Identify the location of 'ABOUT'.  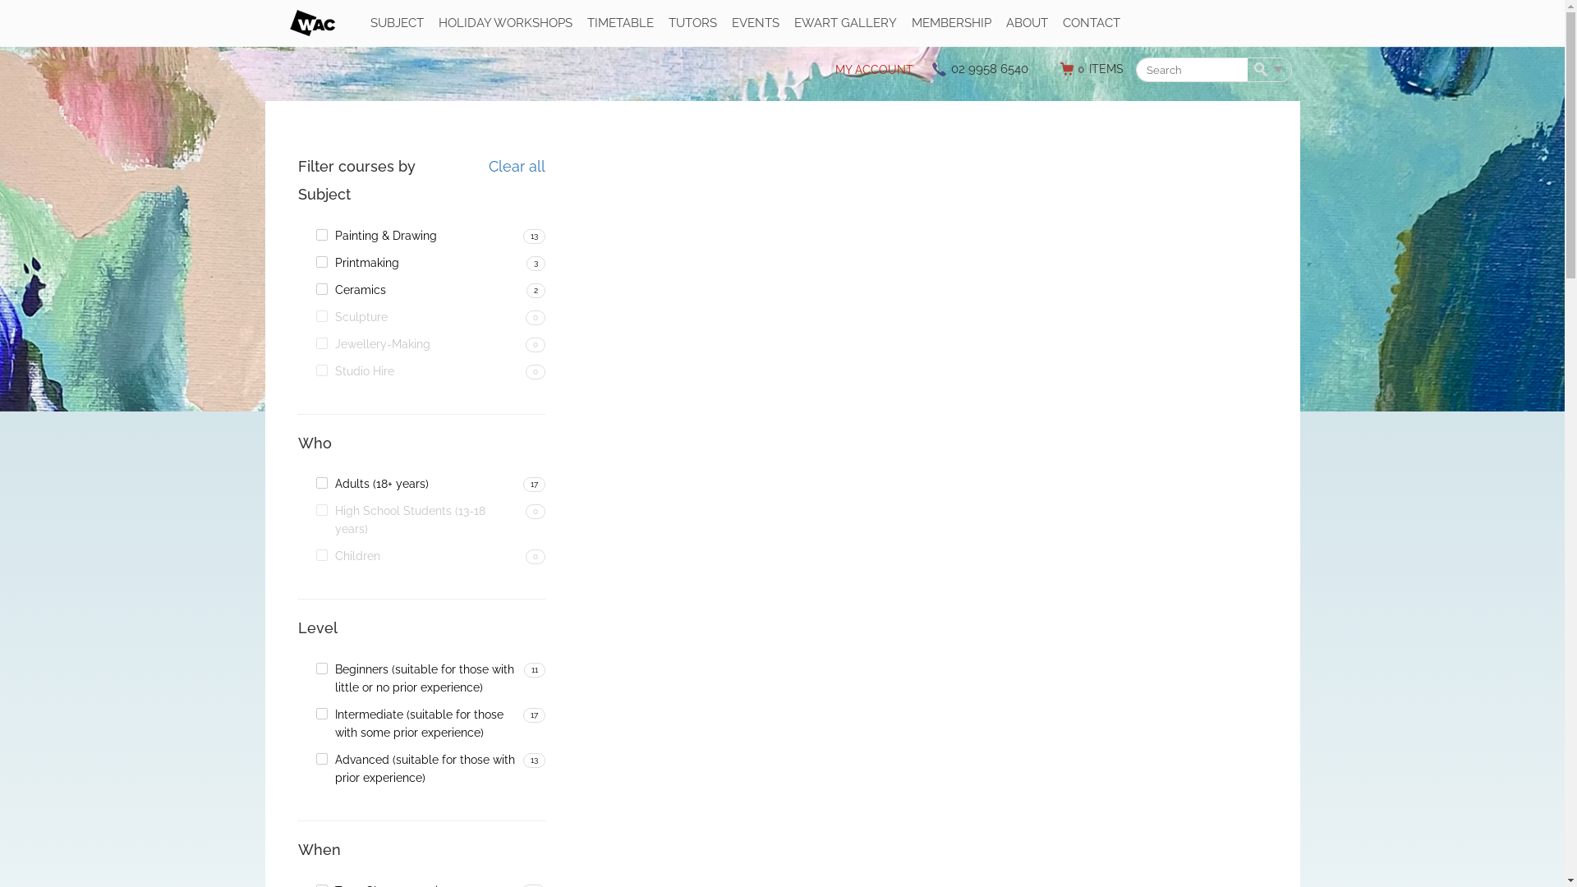
(1025, 22).